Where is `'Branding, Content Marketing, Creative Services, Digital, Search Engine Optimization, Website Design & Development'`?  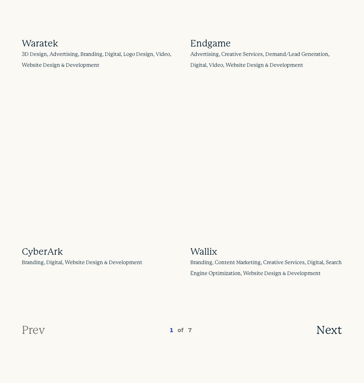
'Branding, Content Marketing, Creative Services, Digital, Search Engine Optimization, Website Design & Development' is located at coordinates (265, 267).